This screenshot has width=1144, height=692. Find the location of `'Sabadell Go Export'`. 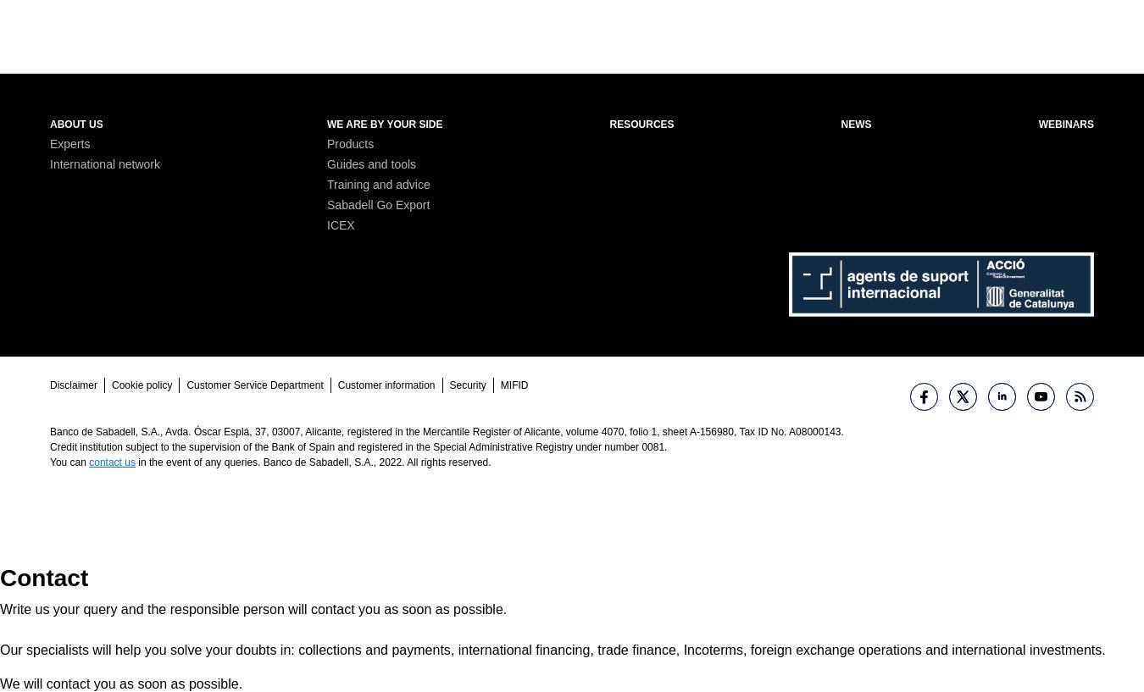

'Sabadell Go Export' is located at coordinates (378, 203).